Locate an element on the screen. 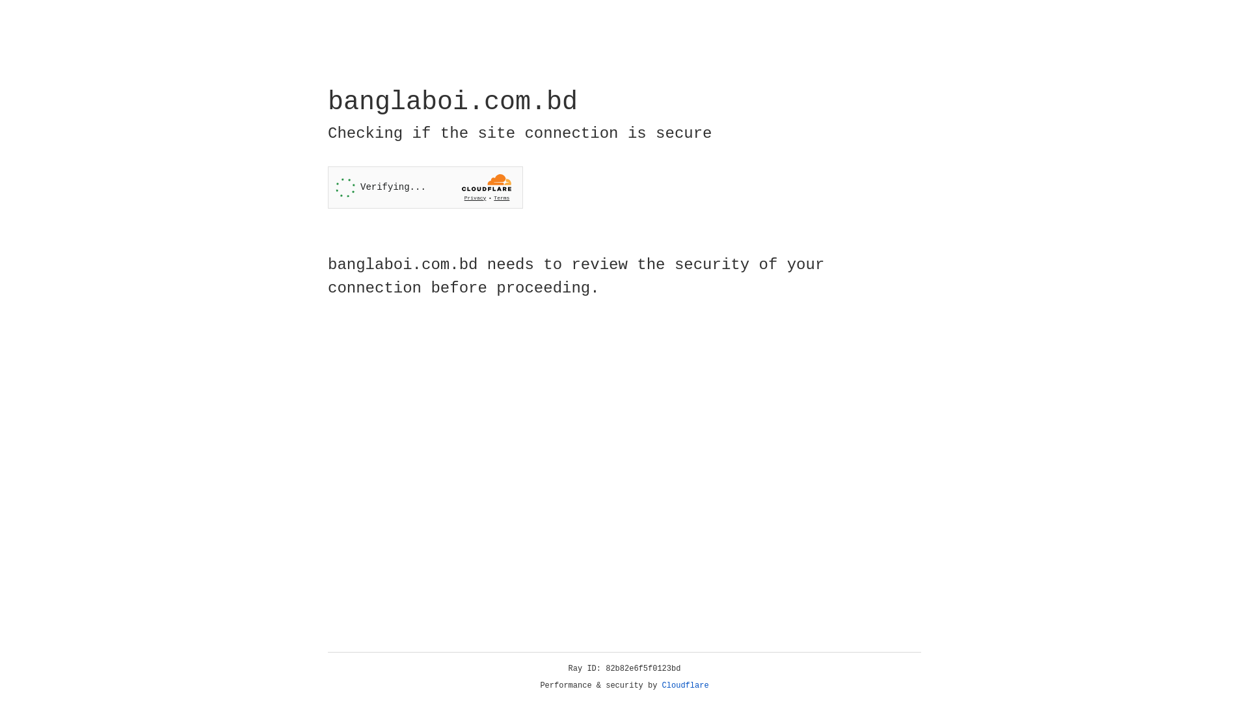 This screenshot has height=702, width=1249. 'Cloudflare' is located at coordinates (685, 685).